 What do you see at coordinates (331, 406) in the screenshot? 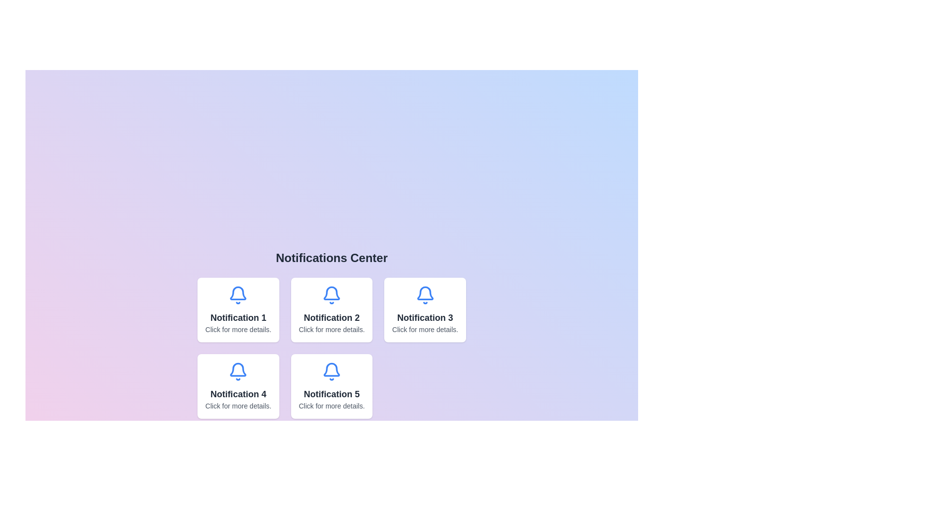
I see `text label that says 'Click for more details.' which is located at the bottom of the notification card titled 'Notification 5'` at bounding box center [331, 406].